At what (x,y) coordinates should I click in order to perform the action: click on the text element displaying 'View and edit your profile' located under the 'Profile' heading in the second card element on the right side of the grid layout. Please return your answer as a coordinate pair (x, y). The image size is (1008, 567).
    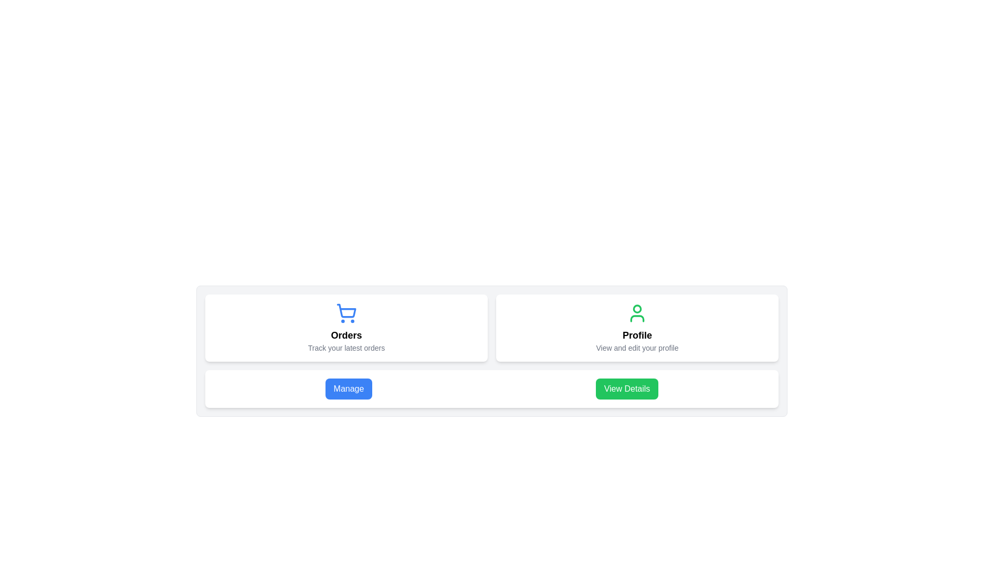
    Looking at the image, I should click on (637, 348).